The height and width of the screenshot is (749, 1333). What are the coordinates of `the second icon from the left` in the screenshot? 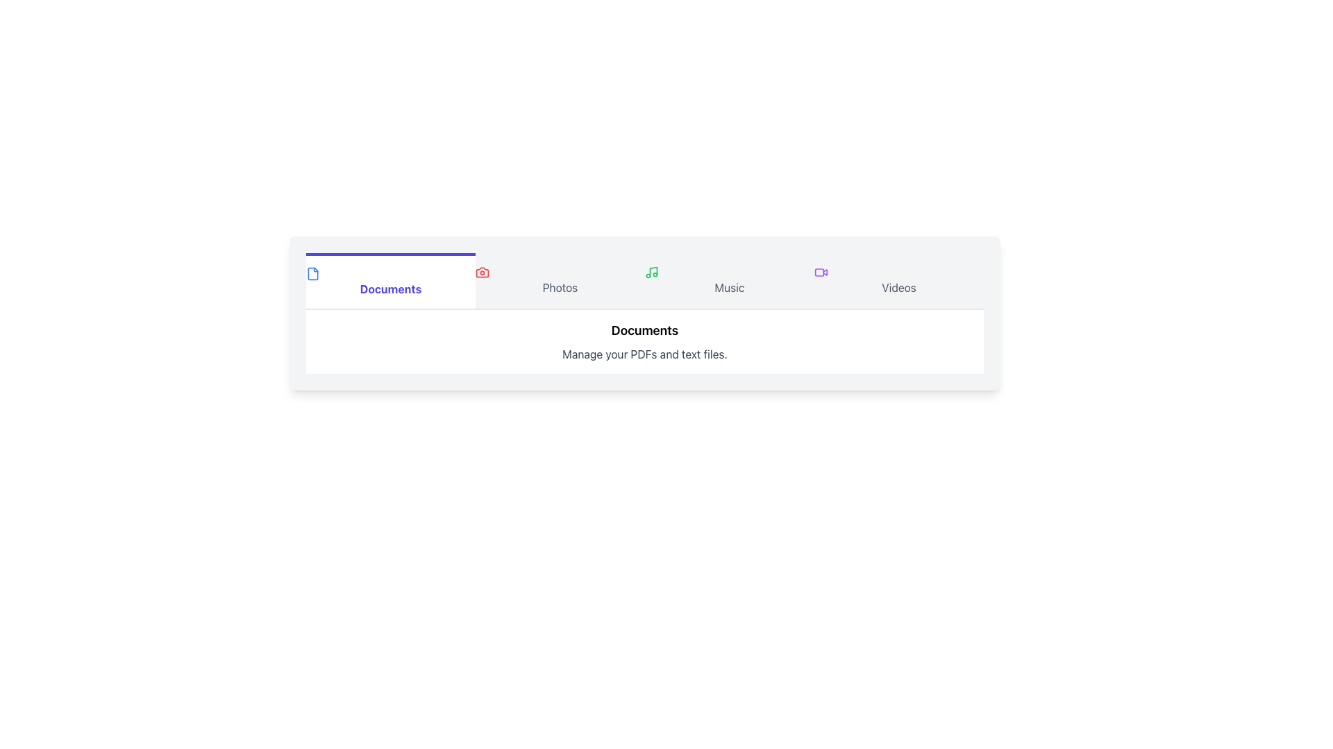 It's located at (483, 273).